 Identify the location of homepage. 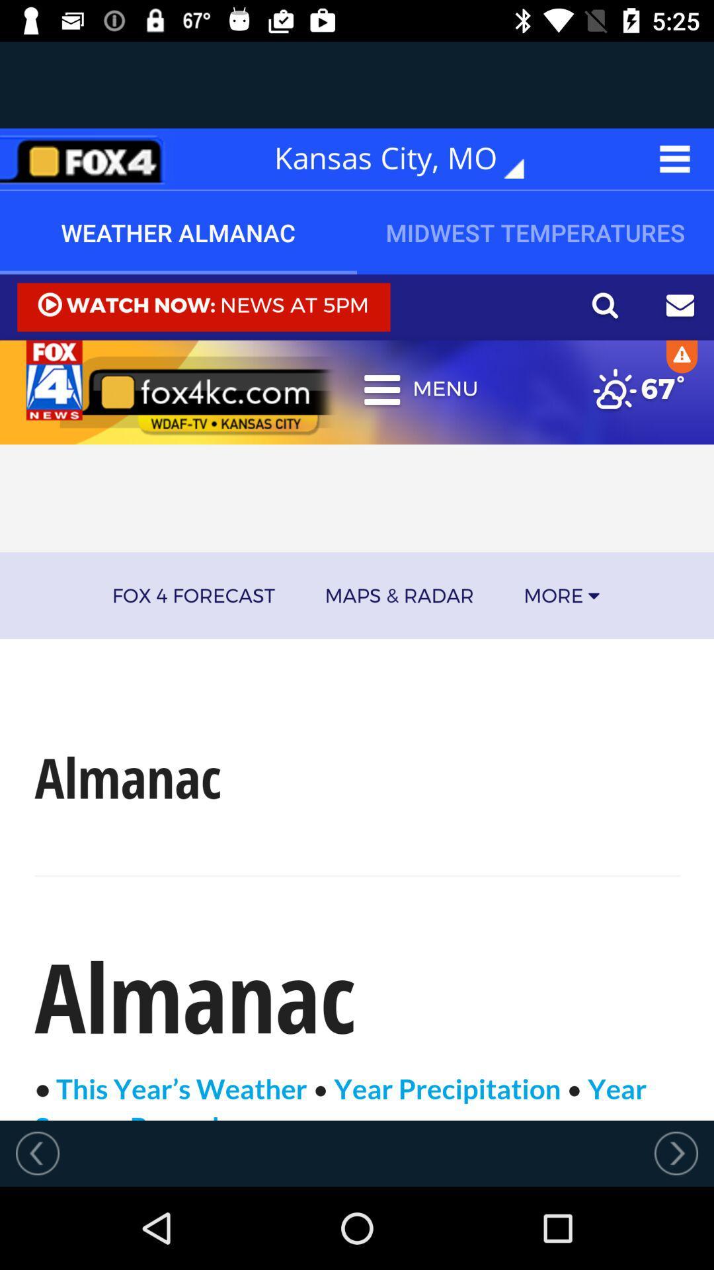
(87, 159).